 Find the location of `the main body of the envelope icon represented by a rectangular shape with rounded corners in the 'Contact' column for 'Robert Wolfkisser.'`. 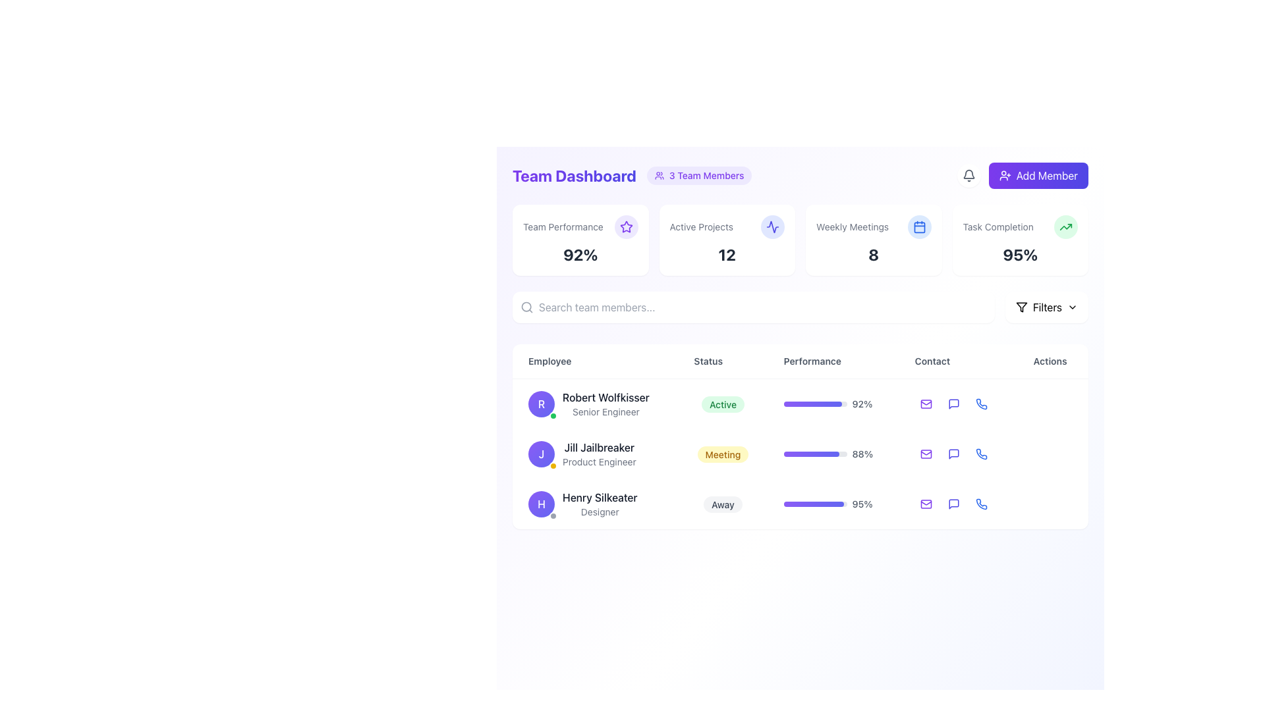

the main body of the envelope icon represented by a rectangular shape with rounded corners in the 'Contact' column for 'Robert Wolfkisser.' is located at coordinates (925, 403).